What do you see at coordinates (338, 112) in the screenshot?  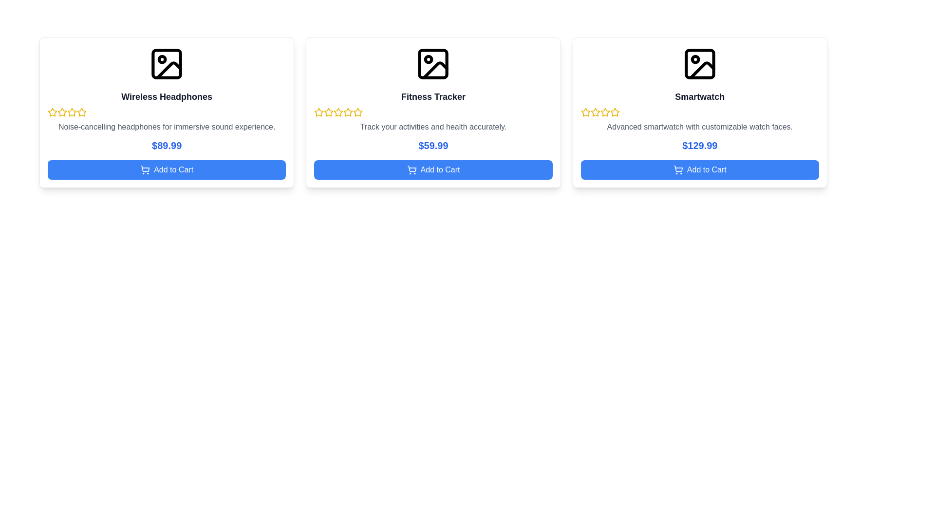 I see `the second yellow-bordered star in the five-star rating row below the 'Fitness Tracker' product information panel` at bounding box center [338, 112].